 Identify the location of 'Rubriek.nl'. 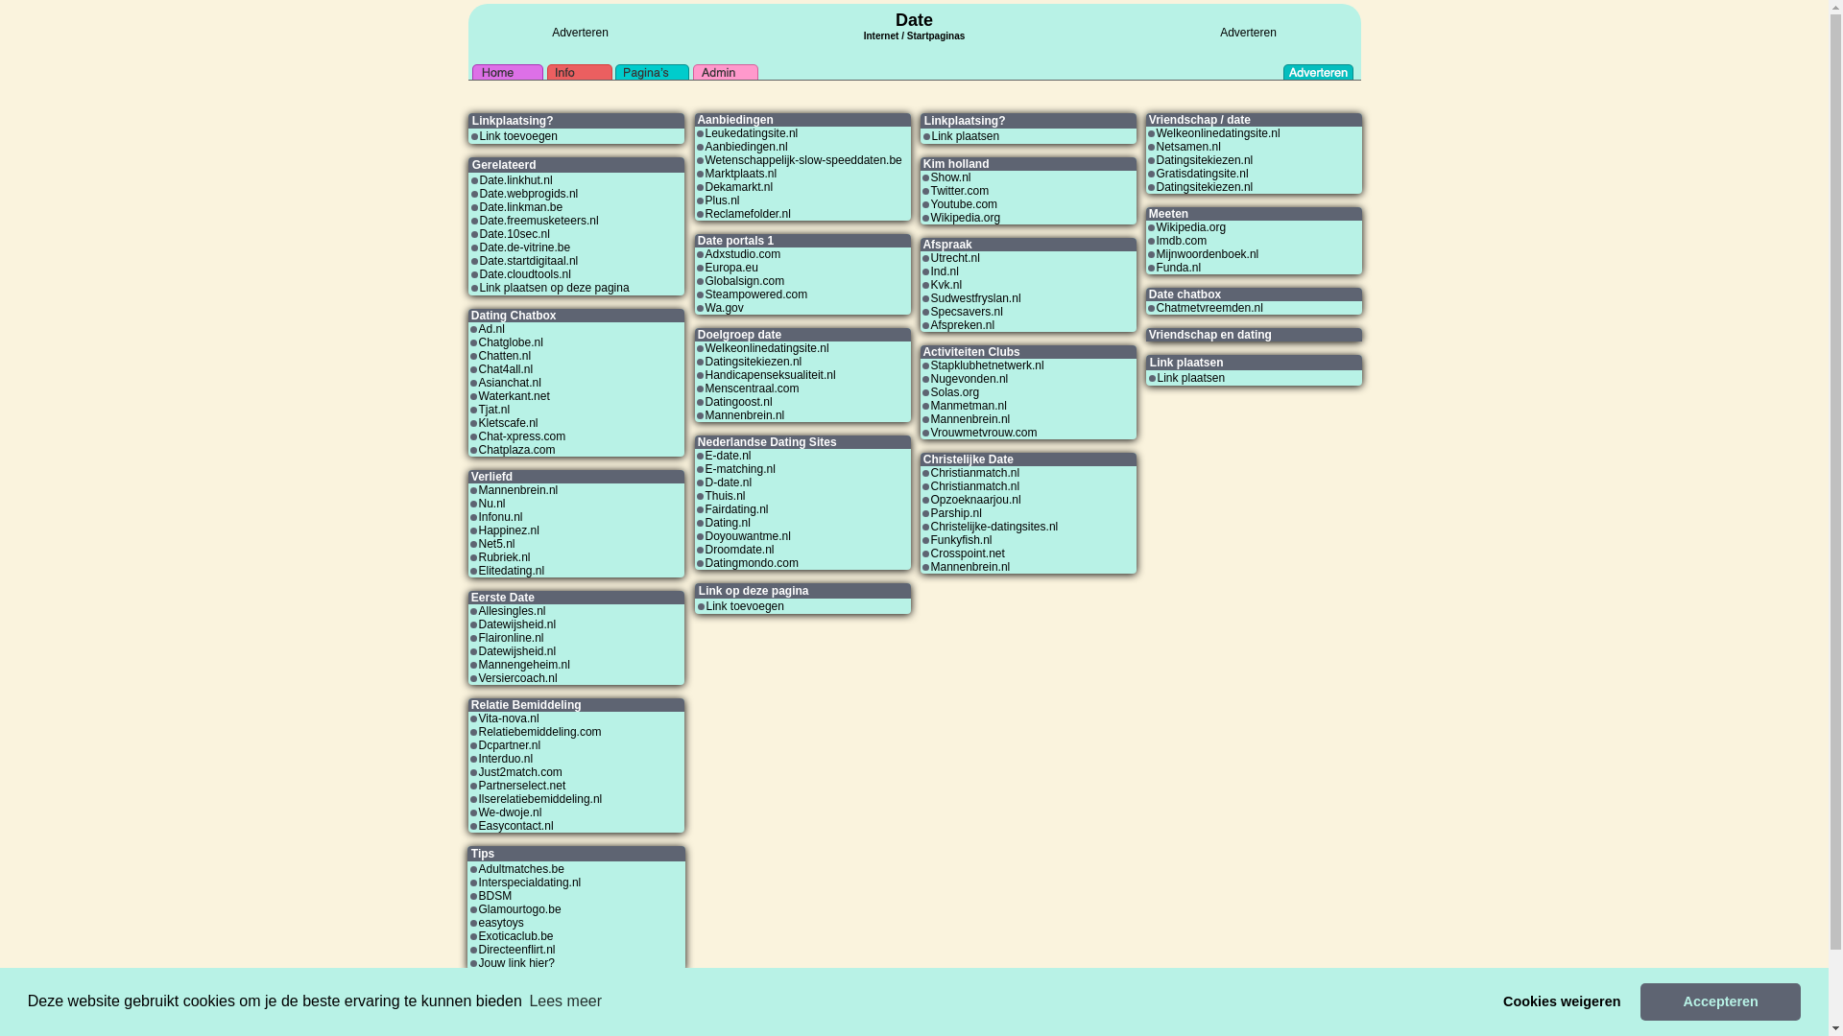
(503, 557).